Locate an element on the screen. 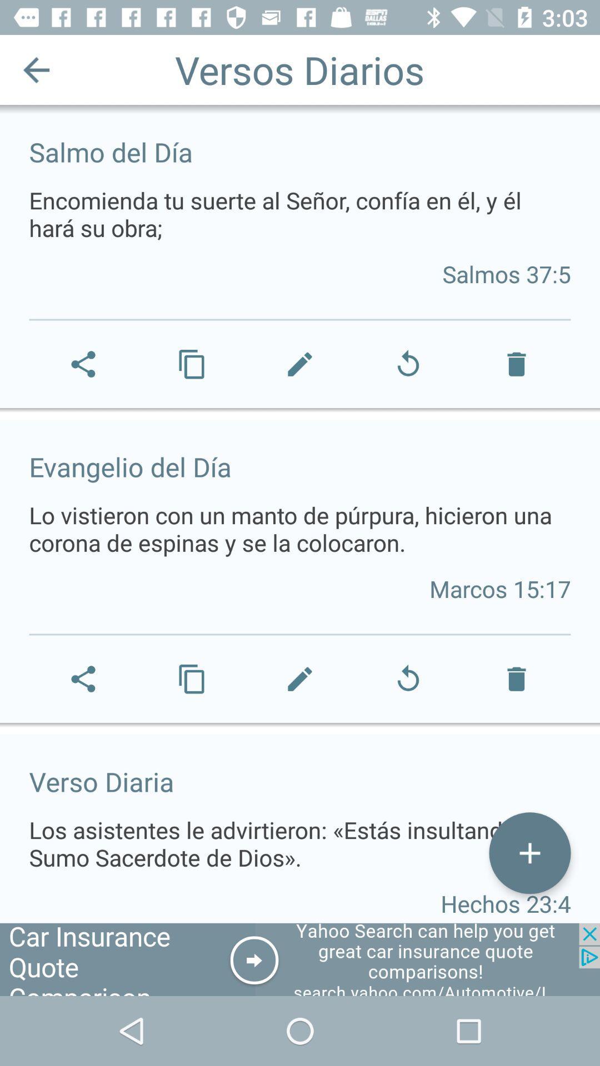 Image resolution: width=600 pixels, height=1066 pixels. the arrow_backward icon is located at coordinates (36, 69).